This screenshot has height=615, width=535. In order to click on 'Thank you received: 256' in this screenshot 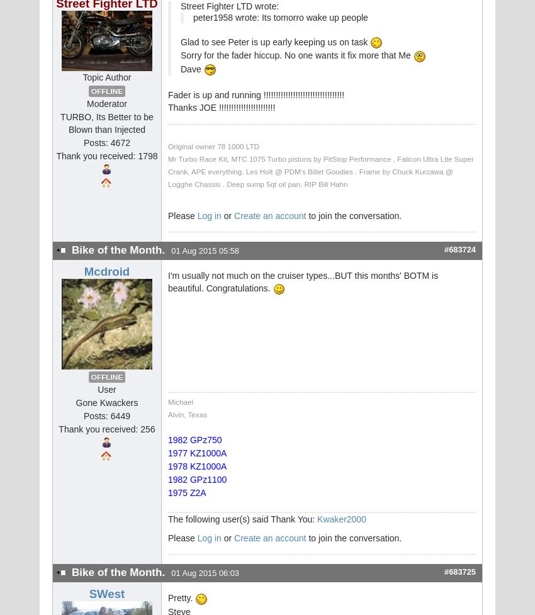, I will do `click(106, 429)`.